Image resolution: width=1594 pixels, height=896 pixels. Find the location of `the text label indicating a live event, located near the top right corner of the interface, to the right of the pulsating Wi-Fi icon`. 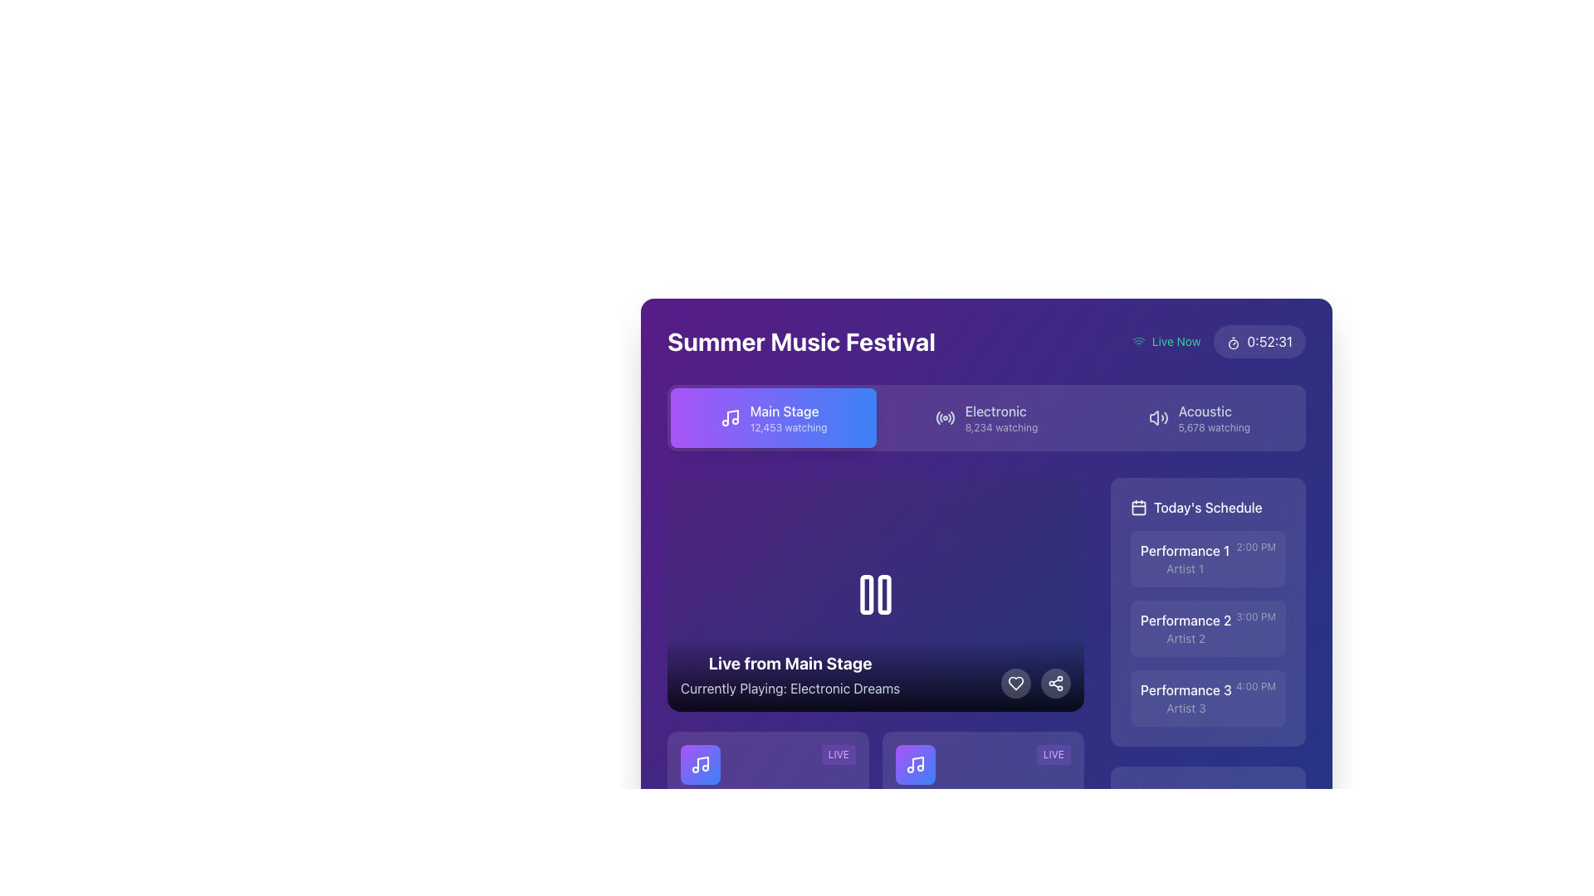

the text label indicating a live event, located near the top right corner of the interface, to the right of the pulsating Wi-Fi icon is located at coordinates (1175, 341).